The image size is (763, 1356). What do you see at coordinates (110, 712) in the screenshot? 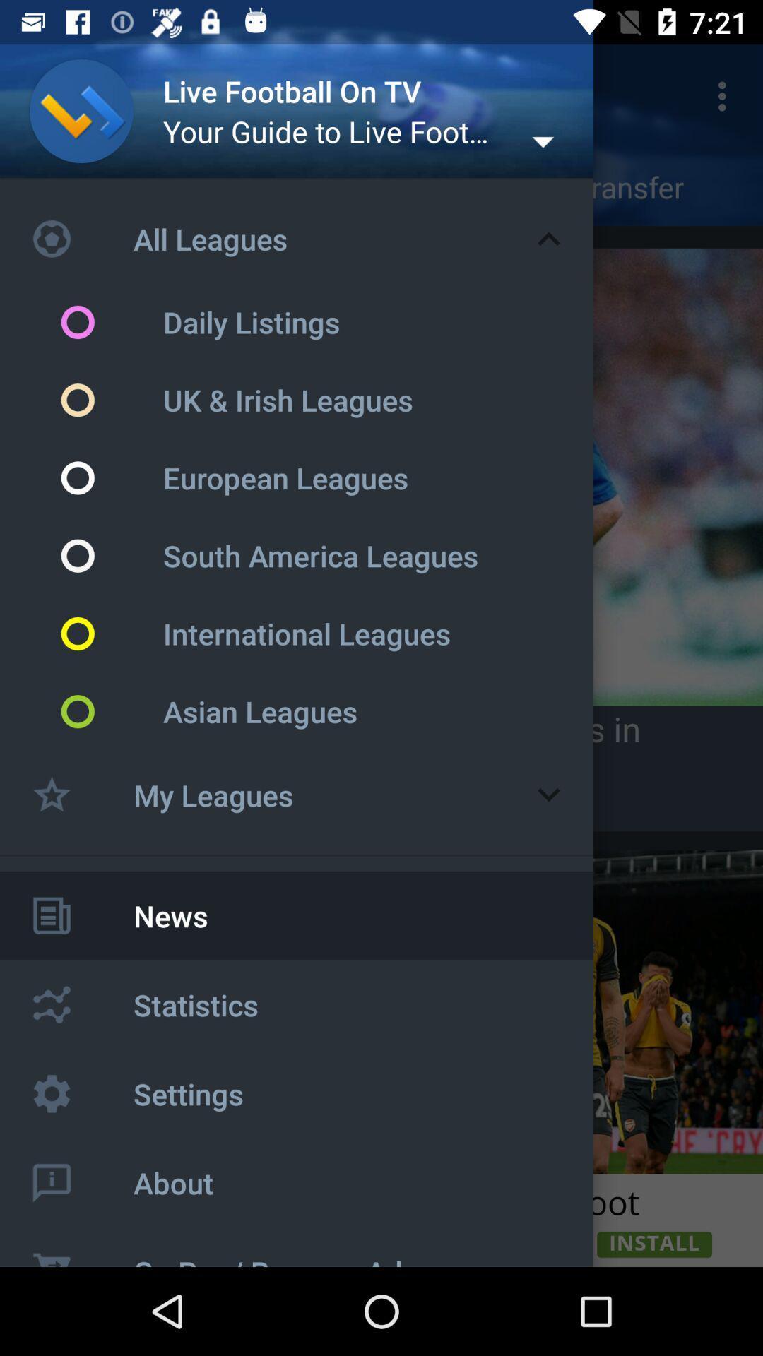
I see `the circle near asian leagues` at bounding box center [110, 712].